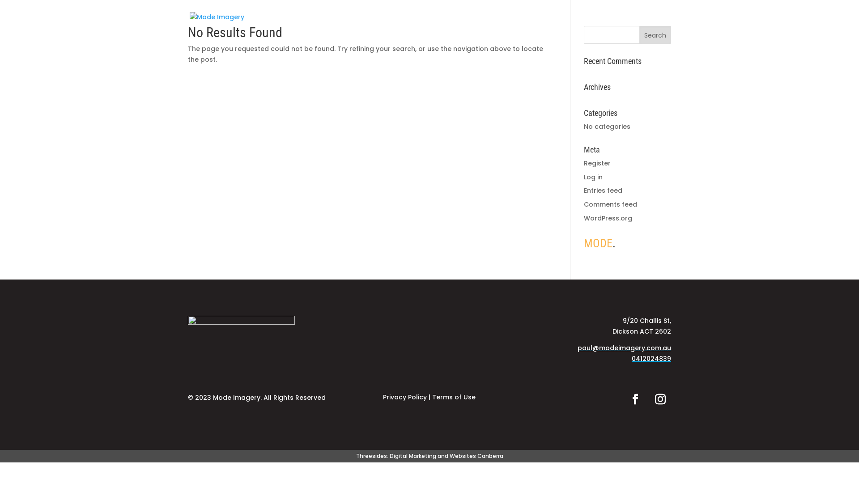  Describe the element at coordinates (660, 399) in the screenshot. I see `'Follow on Instagram'` at that location.